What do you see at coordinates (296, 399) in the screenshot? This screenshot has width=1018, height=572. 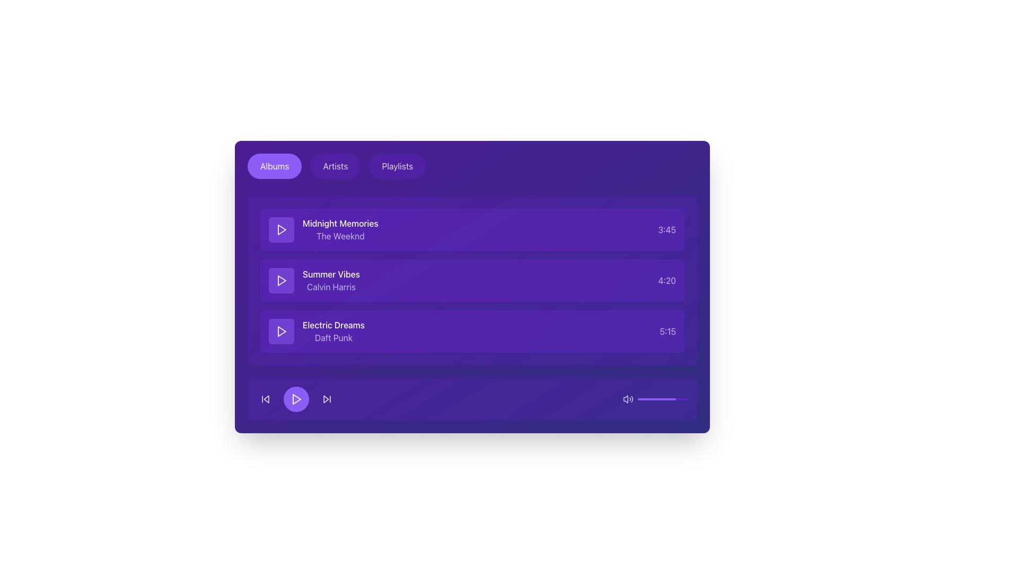 I see `the circular button with a purple background and a white triangular 'play' icon to observe the hover effect` at bounding box center [296, 399].